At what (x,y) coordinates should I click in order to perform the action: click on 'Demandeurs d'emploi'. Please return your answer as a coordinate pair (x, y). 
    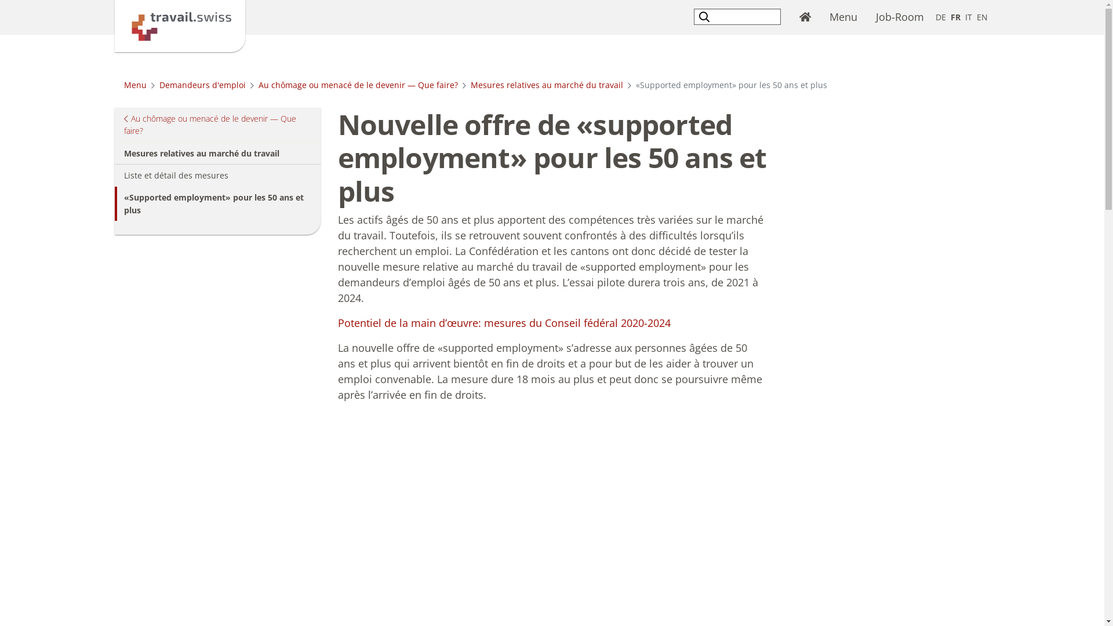
    Looking at the image, I should click on (202, 84).